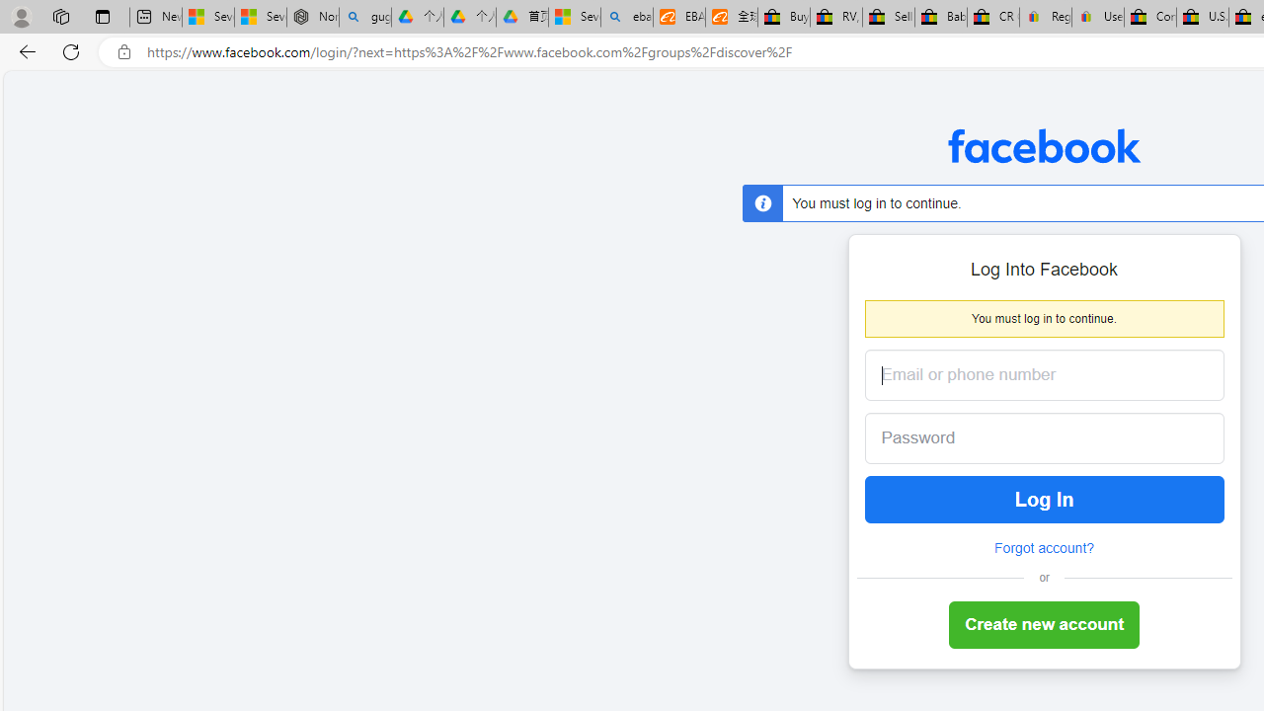 The image size is (1264, 711). Describe the element at coordinates (1028, 437) in the screenshot. I see `'Password'` at that location.